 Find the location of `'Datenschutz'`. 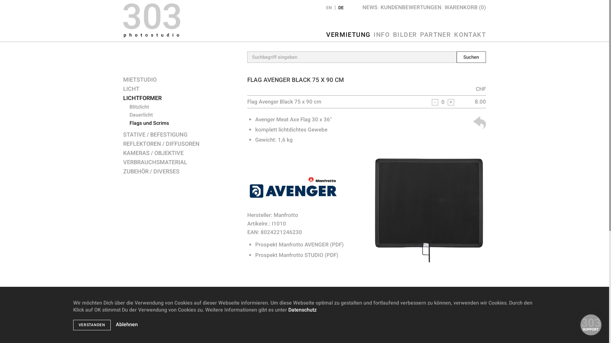

'Datenschutz' is located at coordinates (302, 309).